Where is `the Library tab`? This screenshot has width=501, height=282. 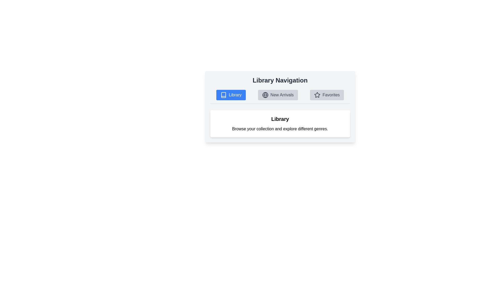
the Library tab is located at coordinates (230, 95).